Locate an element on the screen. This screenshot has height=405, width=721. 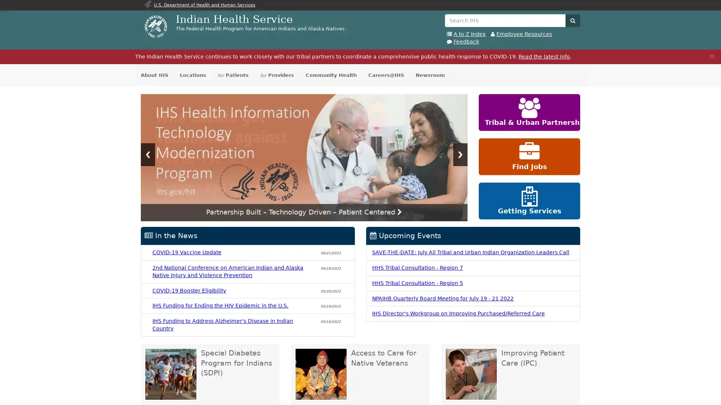
Tribal & Urban Partnerships is located at coordinates (529, 112).